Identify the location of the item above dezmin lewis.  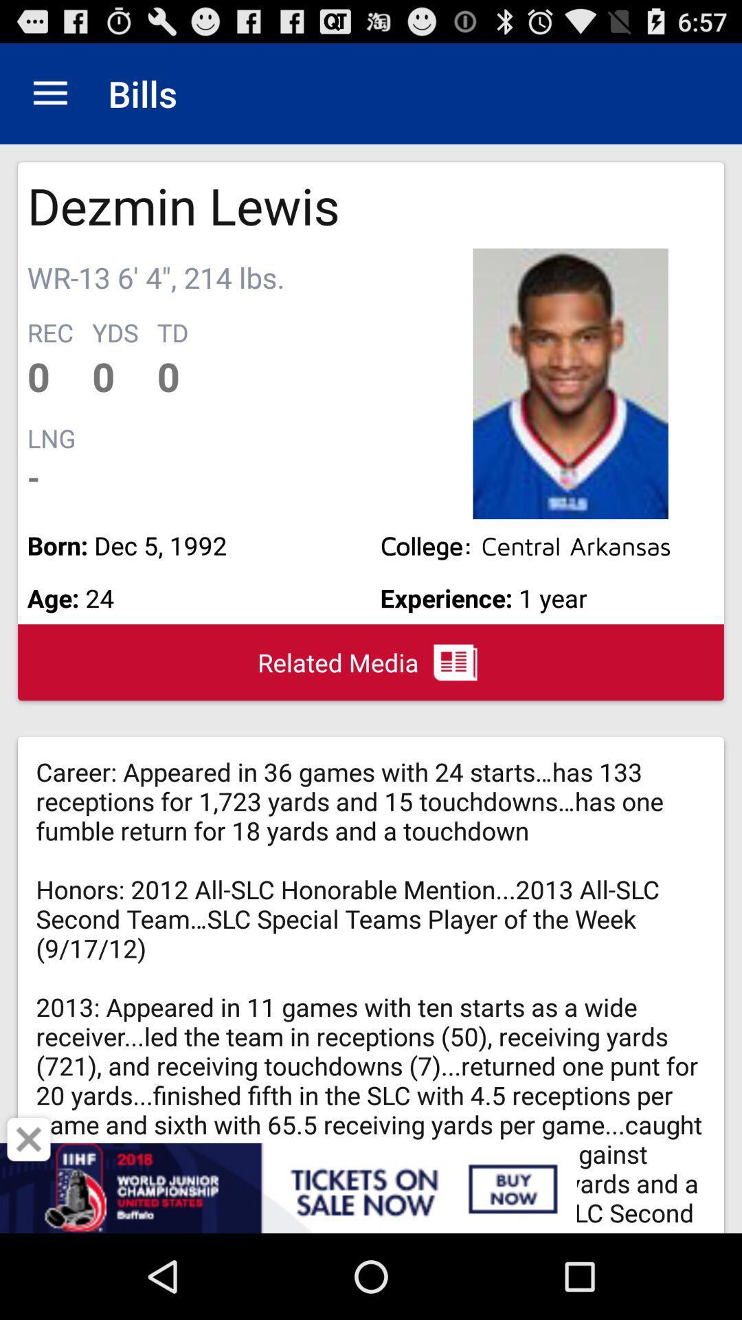
(49, 93).